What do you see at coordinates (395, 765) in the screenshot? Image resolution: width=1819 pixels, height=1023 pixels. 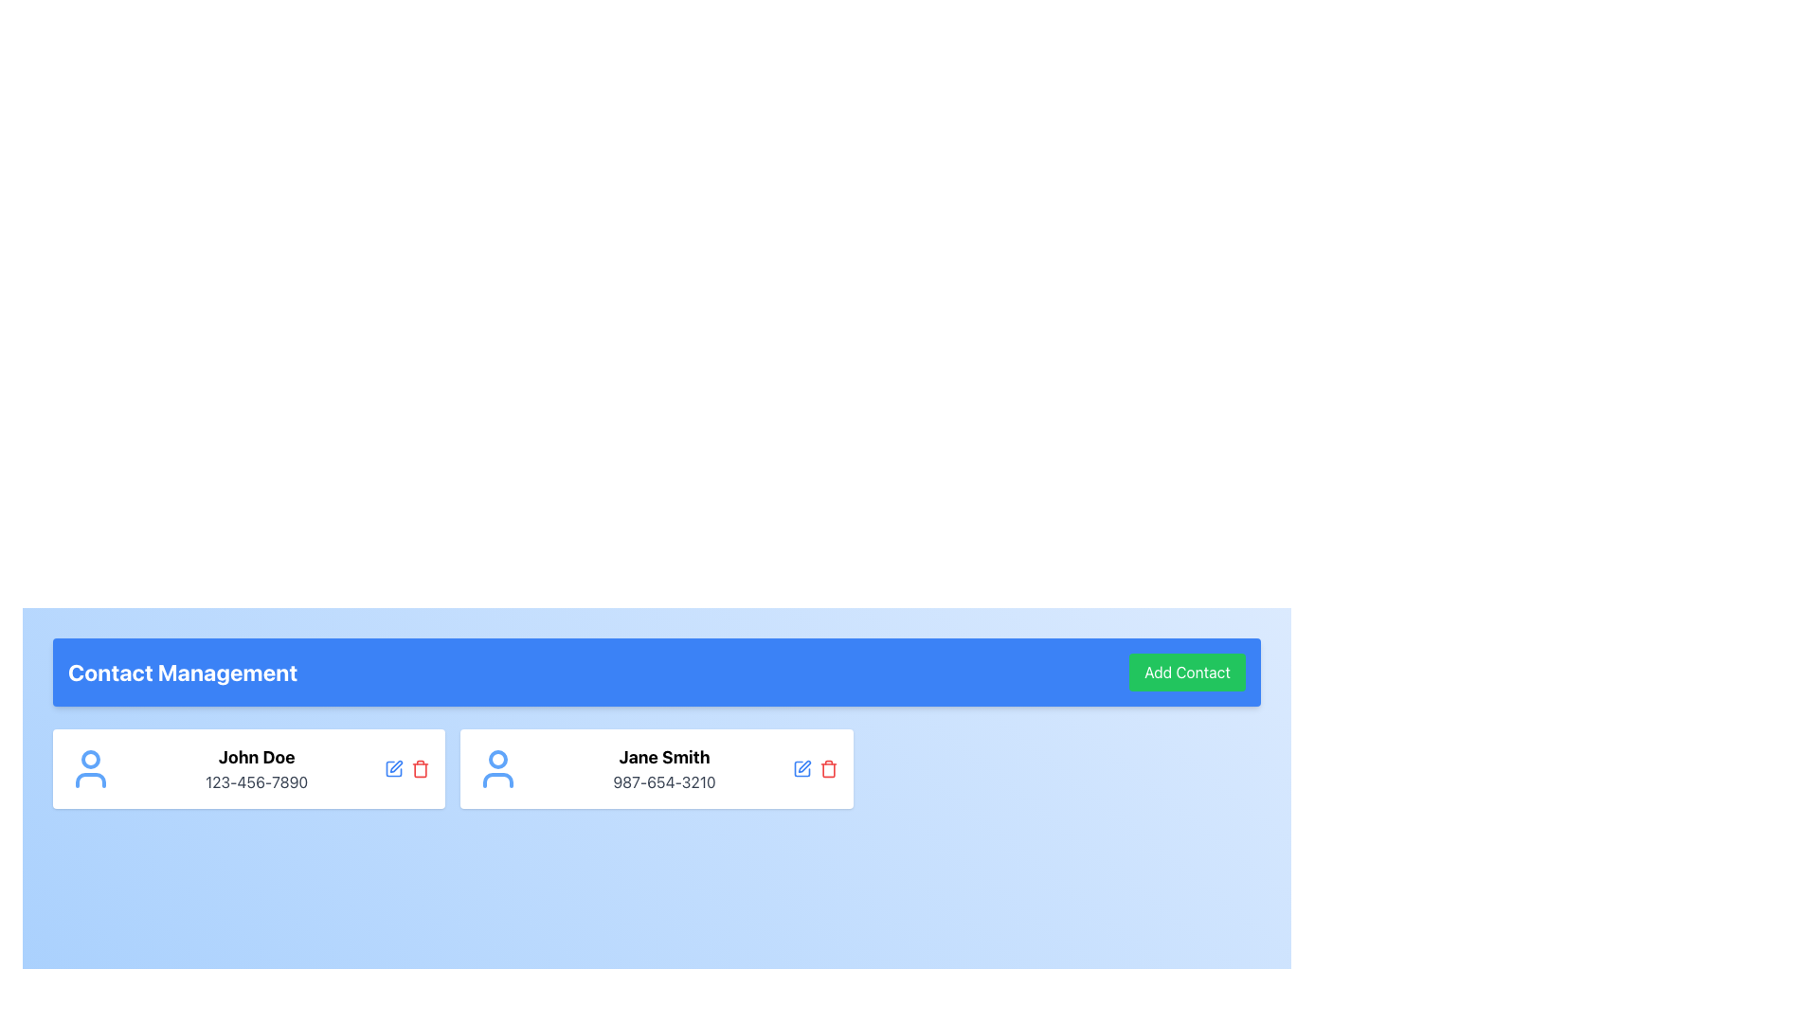 I see `the edit icon button located in the top-right corner of the contact card for 'John Doe' to initiate editing of the contact details` at bounding box center [395, 765].